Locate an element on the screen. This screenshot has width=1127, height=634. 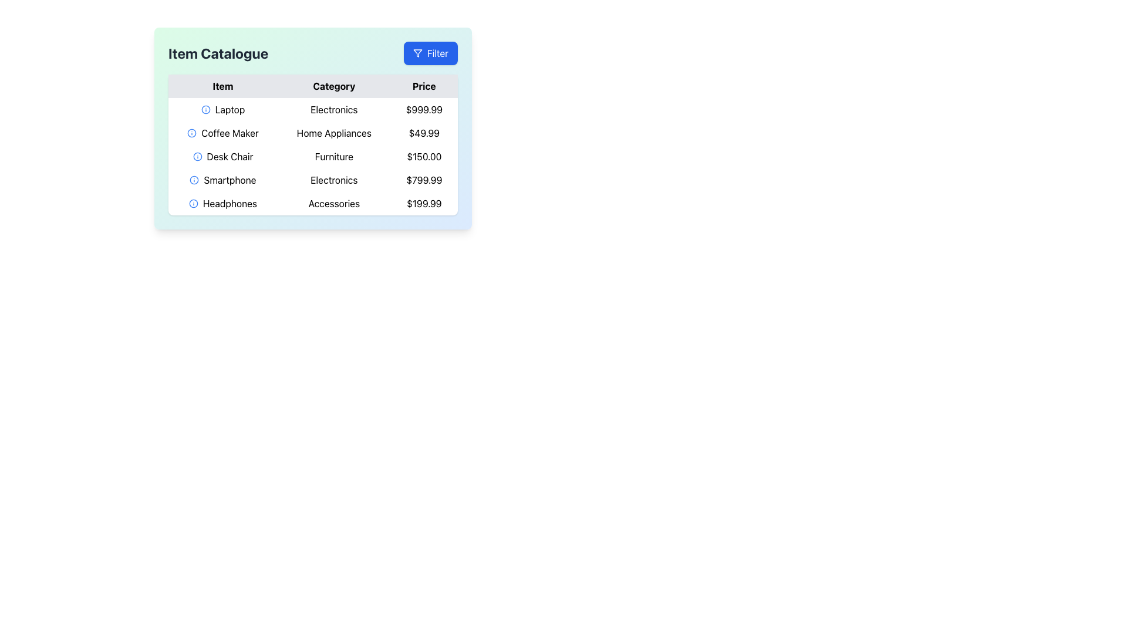
the price display for the 'Laptop' item, which is located in the third column of the first row of the table is located at coordinates (423, 109).